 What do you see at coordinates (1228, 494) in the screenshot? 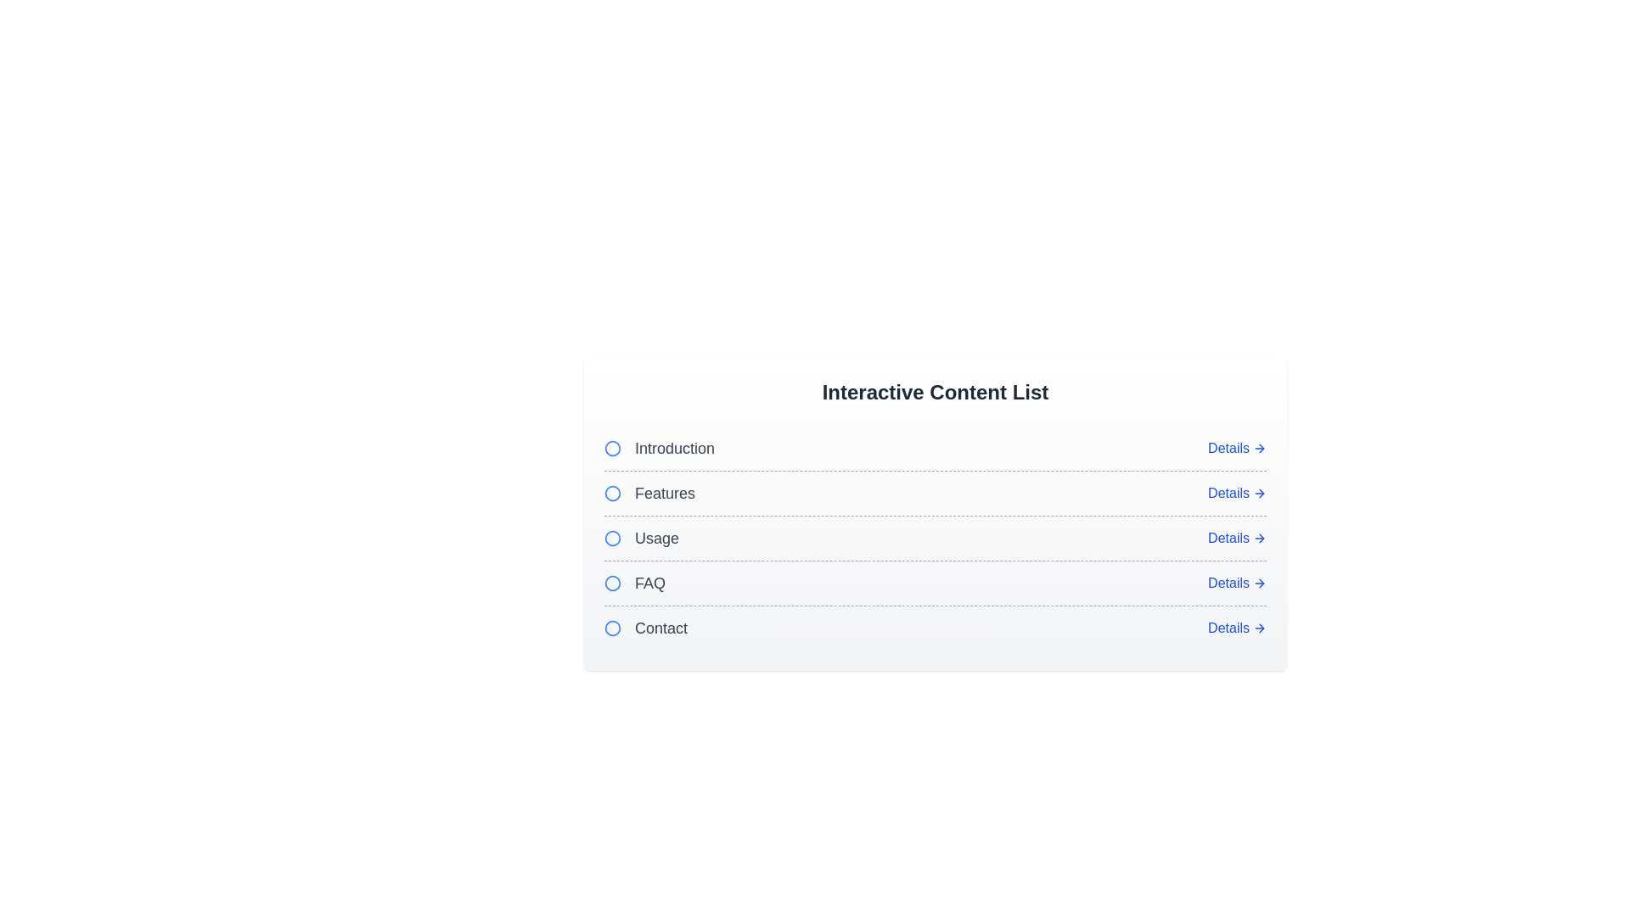
I see `the 'Details' text link, which is styled in blue and located at the end of the fourth row, following the label 'FAQ'` at bounding box center [1228, 494].